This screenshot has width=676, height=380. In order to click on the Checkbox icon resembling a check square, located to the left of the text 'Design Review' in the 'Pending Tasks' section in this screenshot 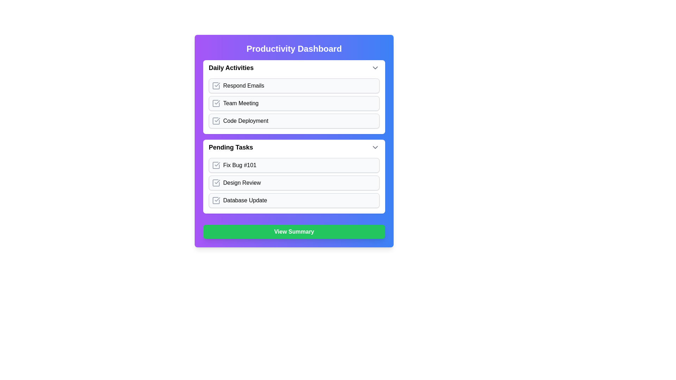, I will do `click(216, 183)`.